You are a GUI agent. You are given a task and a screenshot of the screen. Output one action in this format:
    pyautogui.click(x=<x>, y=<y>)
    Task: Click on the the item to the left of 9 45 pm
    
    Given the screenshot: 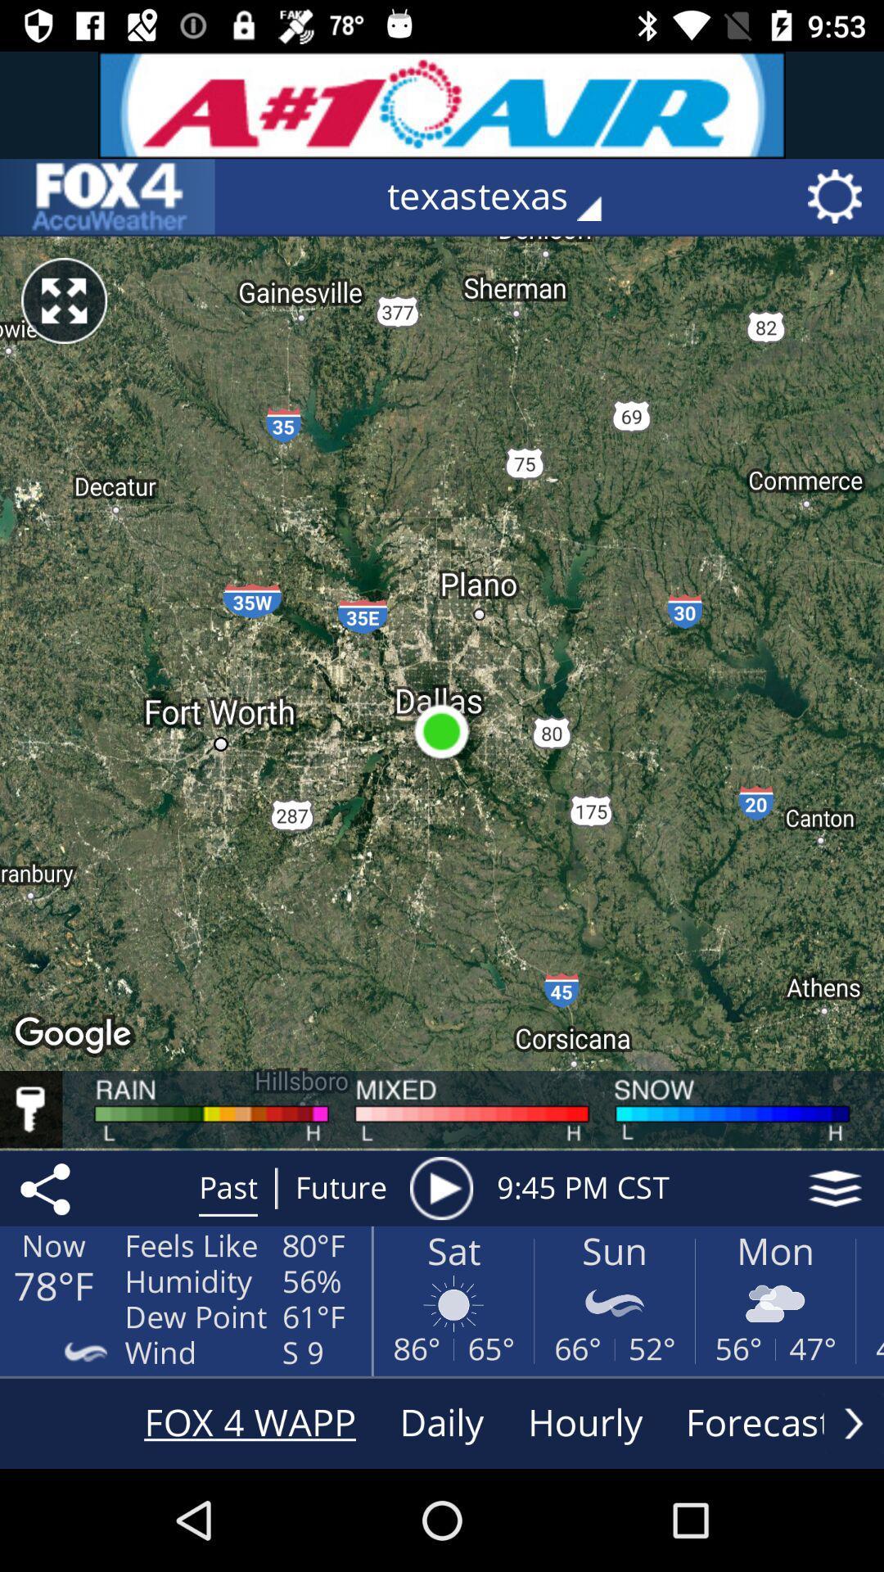 What is the action you would take?
    pyautogui.click(x=440, y=1188)
    